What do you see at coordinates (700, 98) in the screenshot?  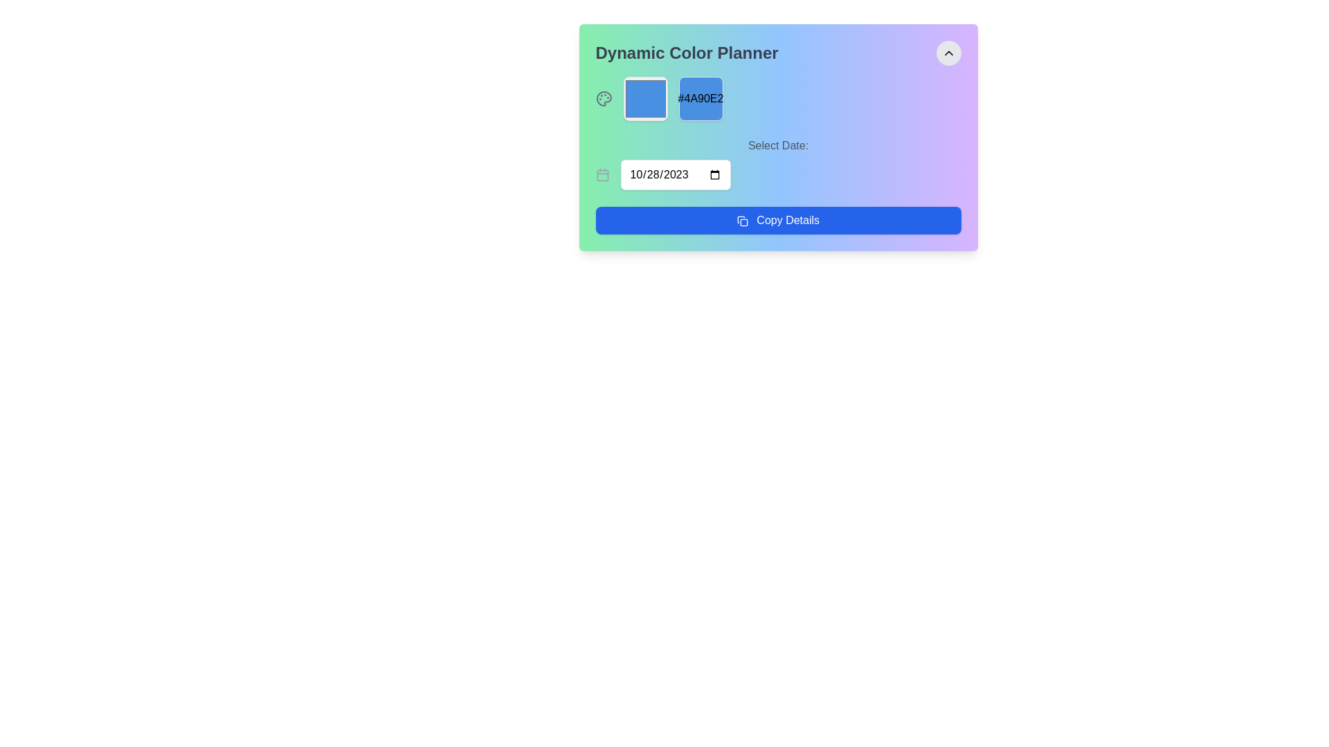 I see `the color and text of the color swatch with a blue background and the text '#4A90E2' centered inside` at bounding box center [700, 98].